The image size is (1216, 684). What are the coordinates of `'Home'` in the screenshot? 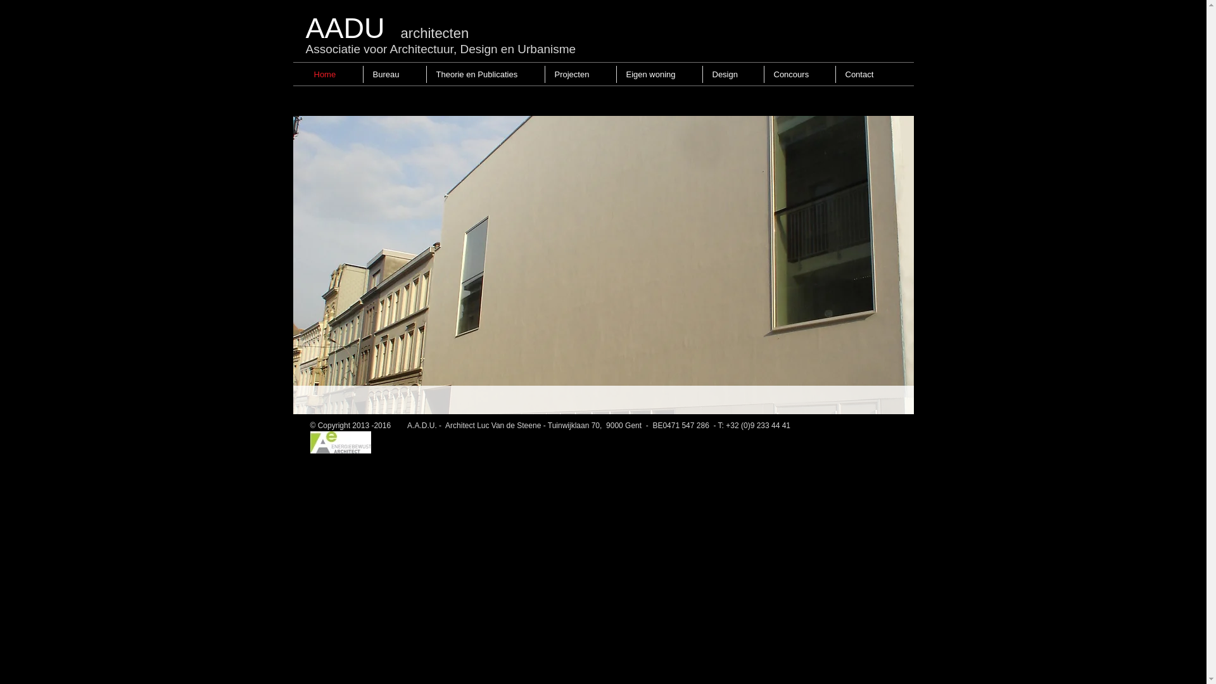 It's located at (304, 74).